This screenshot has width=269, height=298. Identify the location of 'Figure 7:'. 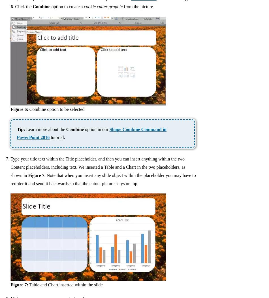
(19, 285).